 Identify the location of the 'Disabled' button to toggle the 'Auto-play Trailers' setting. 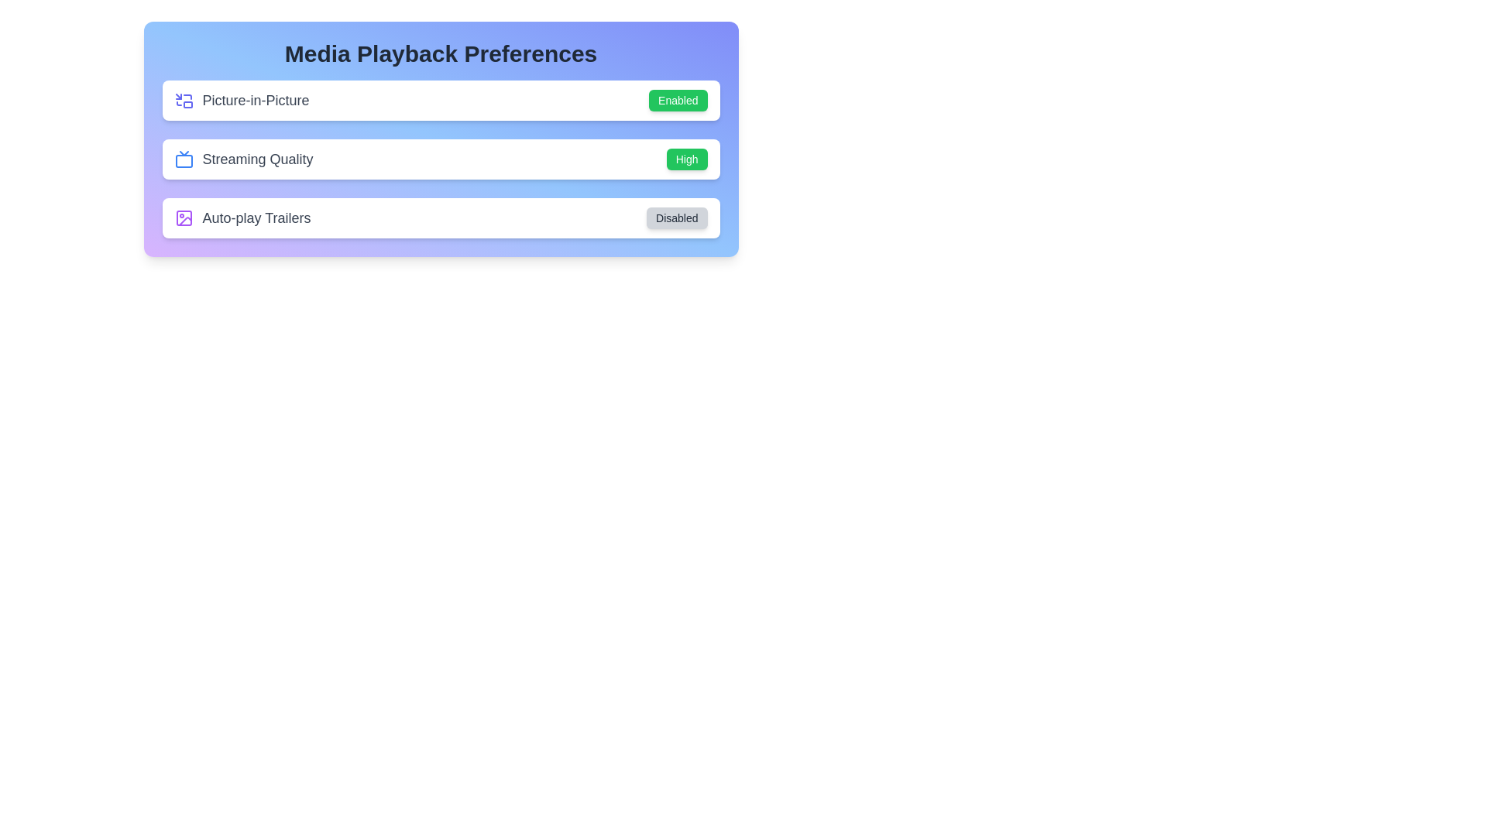
(676, 218).